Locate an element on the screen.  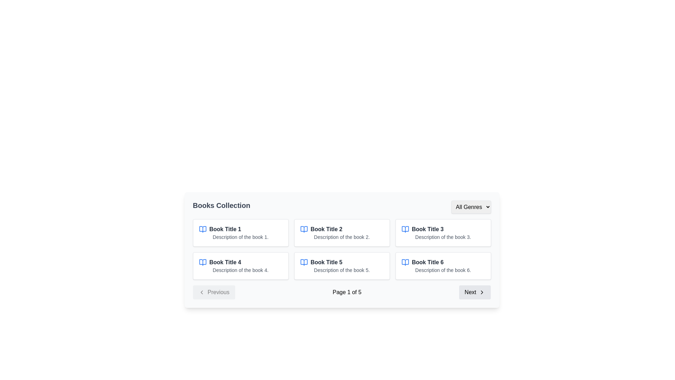
the text label representing the title of a book in the 'Books Collection' section, which is the second title in the top row of the grid layout is located at coordinates (326, 229).